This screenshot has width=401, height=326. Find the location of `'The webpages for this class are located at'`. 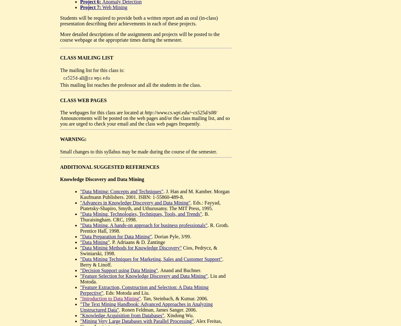

'The webpages for this class are located at' is located at coordinates (60, 112).